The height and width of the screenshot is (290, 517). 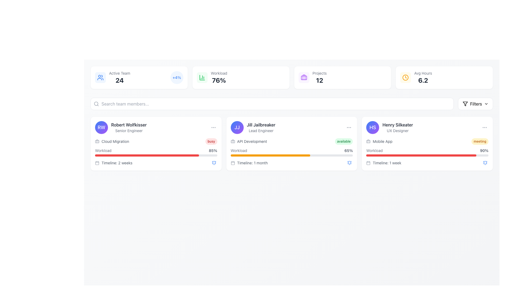 I want to click on the progress bar located beneath the text 'Workload: 85%' in the card labeled 'Robert Wolfkisser - Senior Engineer', so click(x=147, y=155).